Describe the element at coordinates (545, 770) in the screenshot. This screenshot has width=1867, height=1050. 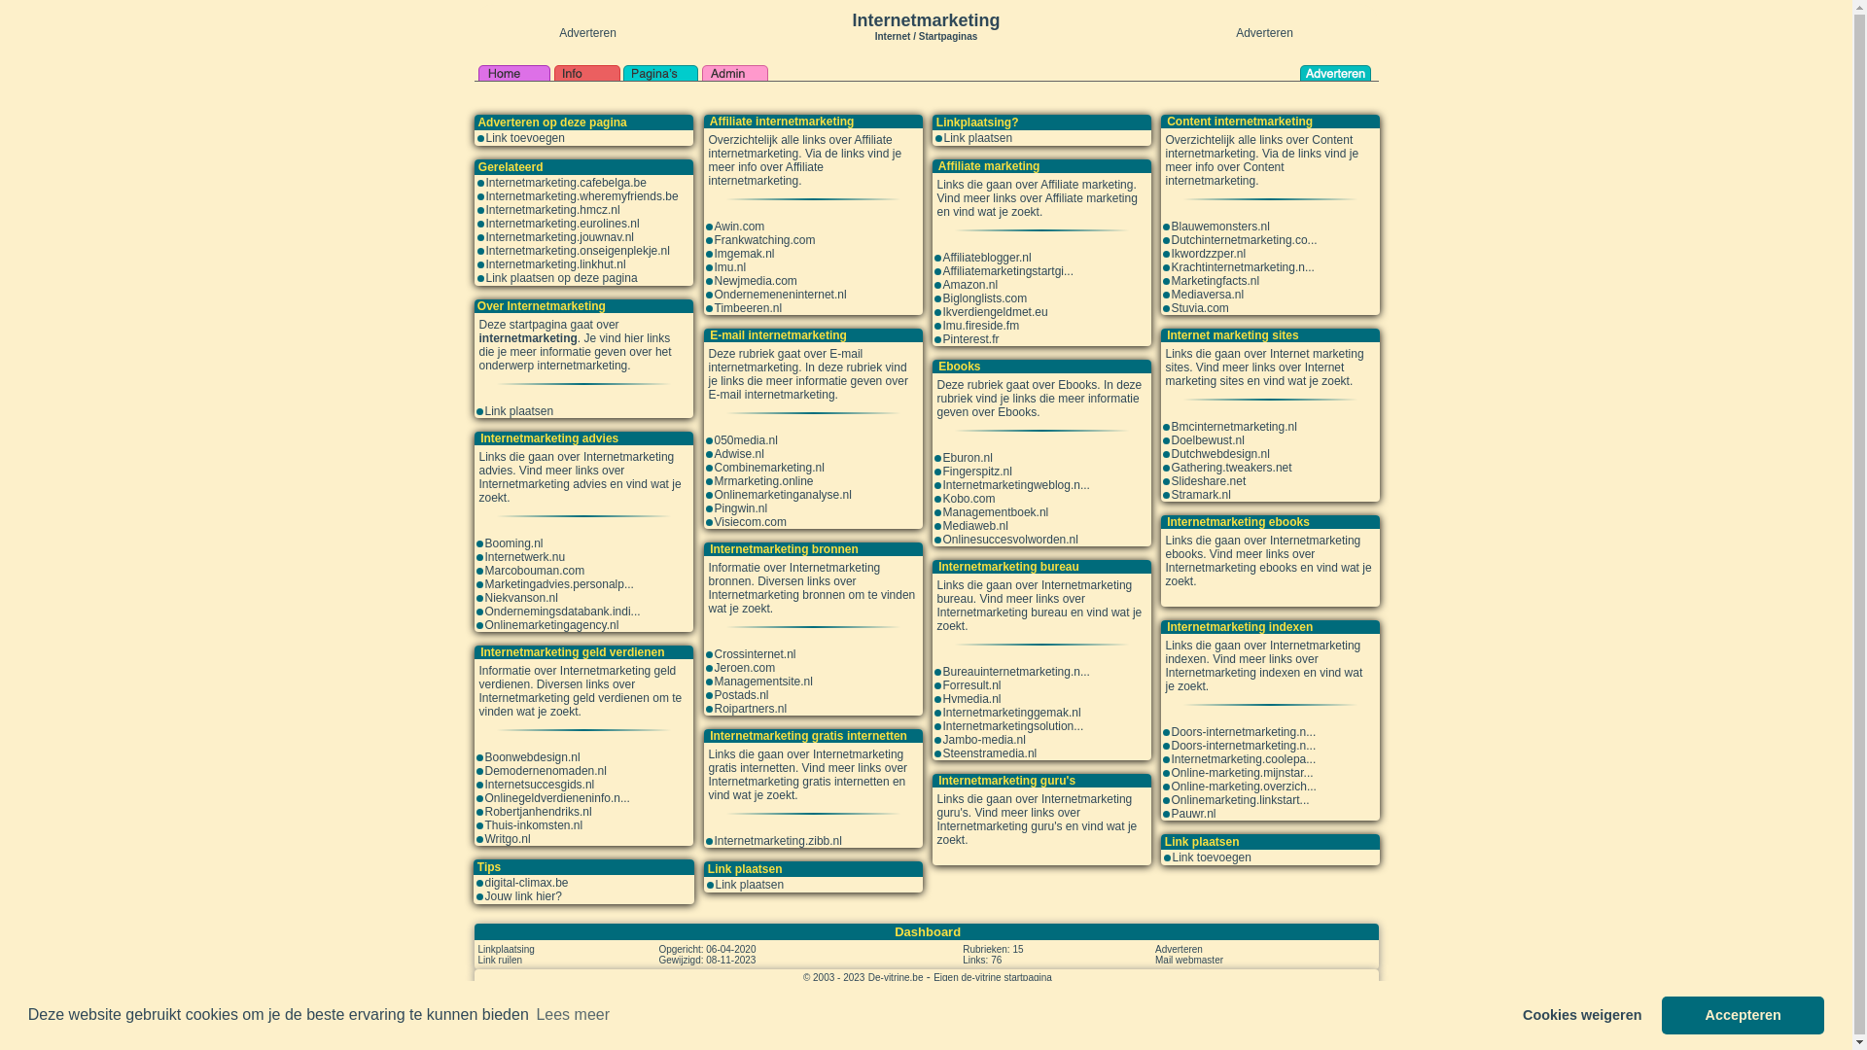
I see `'Demodernenomaden.nl'` at that location.